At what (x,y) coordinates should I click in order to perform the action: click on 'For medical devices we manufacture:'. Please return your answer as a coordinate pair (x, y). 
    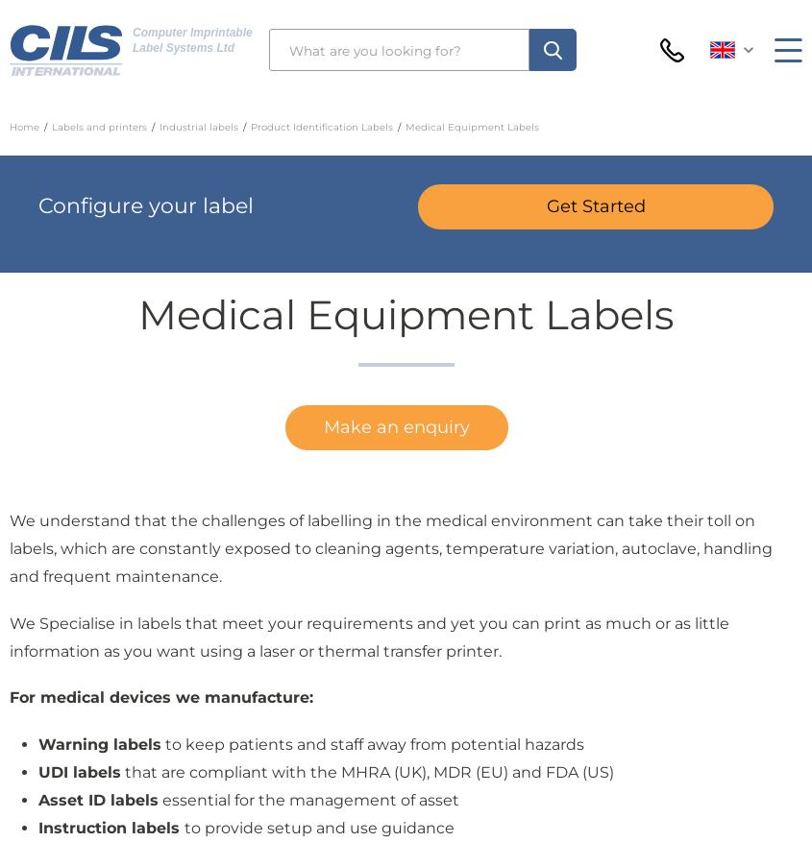
    Looking at the image, I should click on (160, 696).